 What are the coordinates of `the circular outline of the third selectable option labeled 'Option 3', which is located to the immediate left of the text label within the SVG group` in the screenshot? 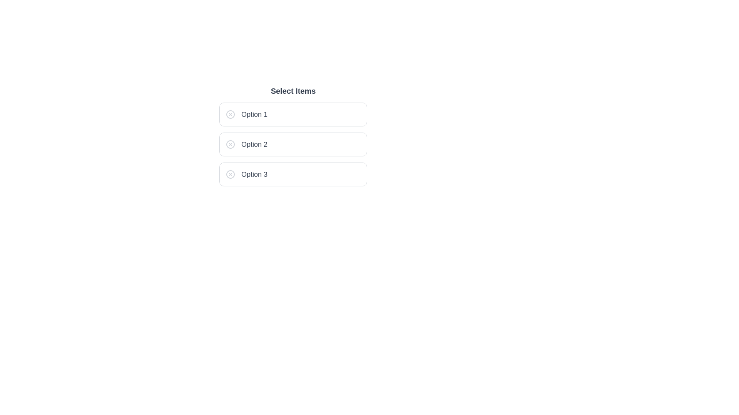 It's located at (230, 174).